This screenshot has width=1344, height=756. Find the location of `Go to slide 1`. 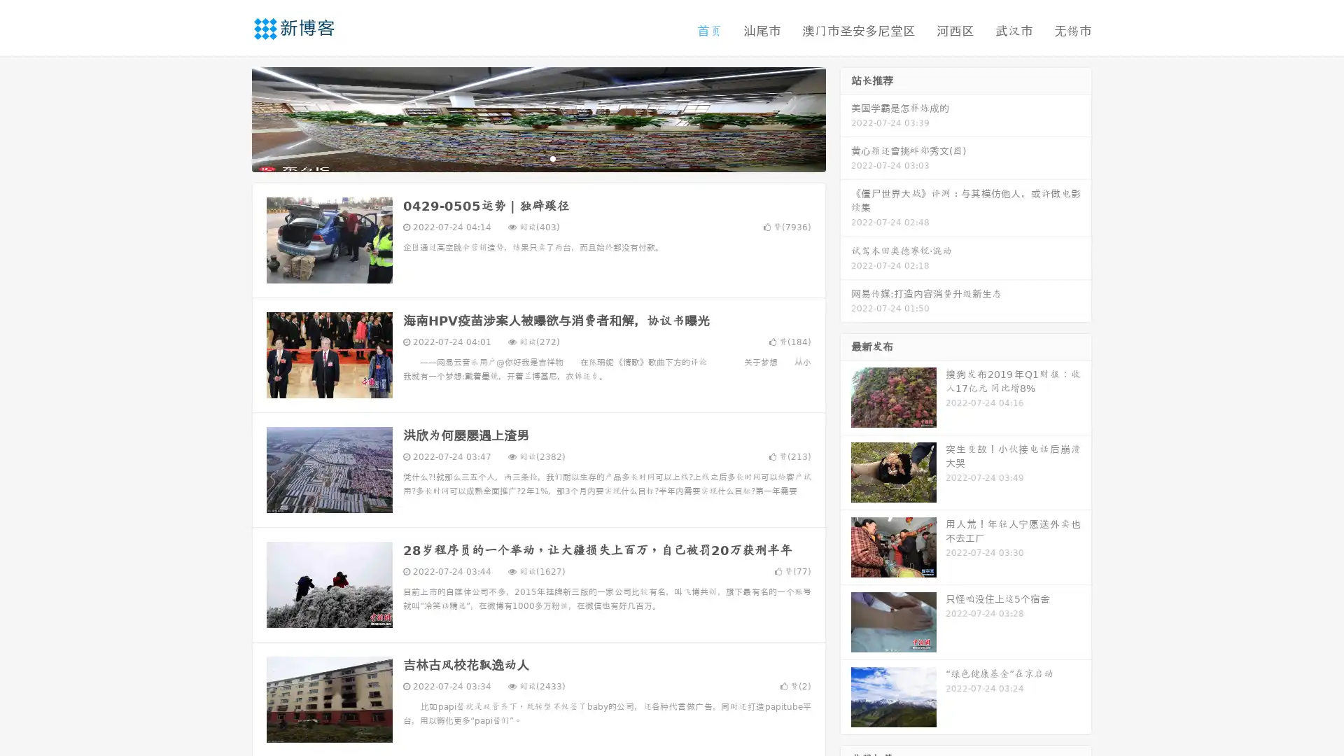

Go to slide 1 is located at coordinates (524, 157).